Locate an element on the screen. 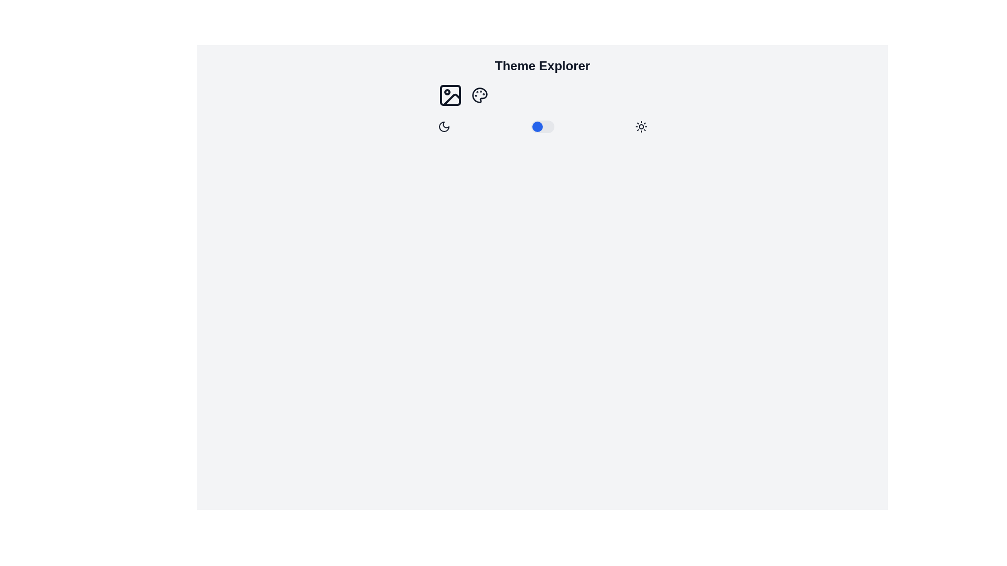 The height and width of the screenshot is (566, 1007). the dark mode toggle icon located near the top right corner of the interface is located at coordinates (444, 126).